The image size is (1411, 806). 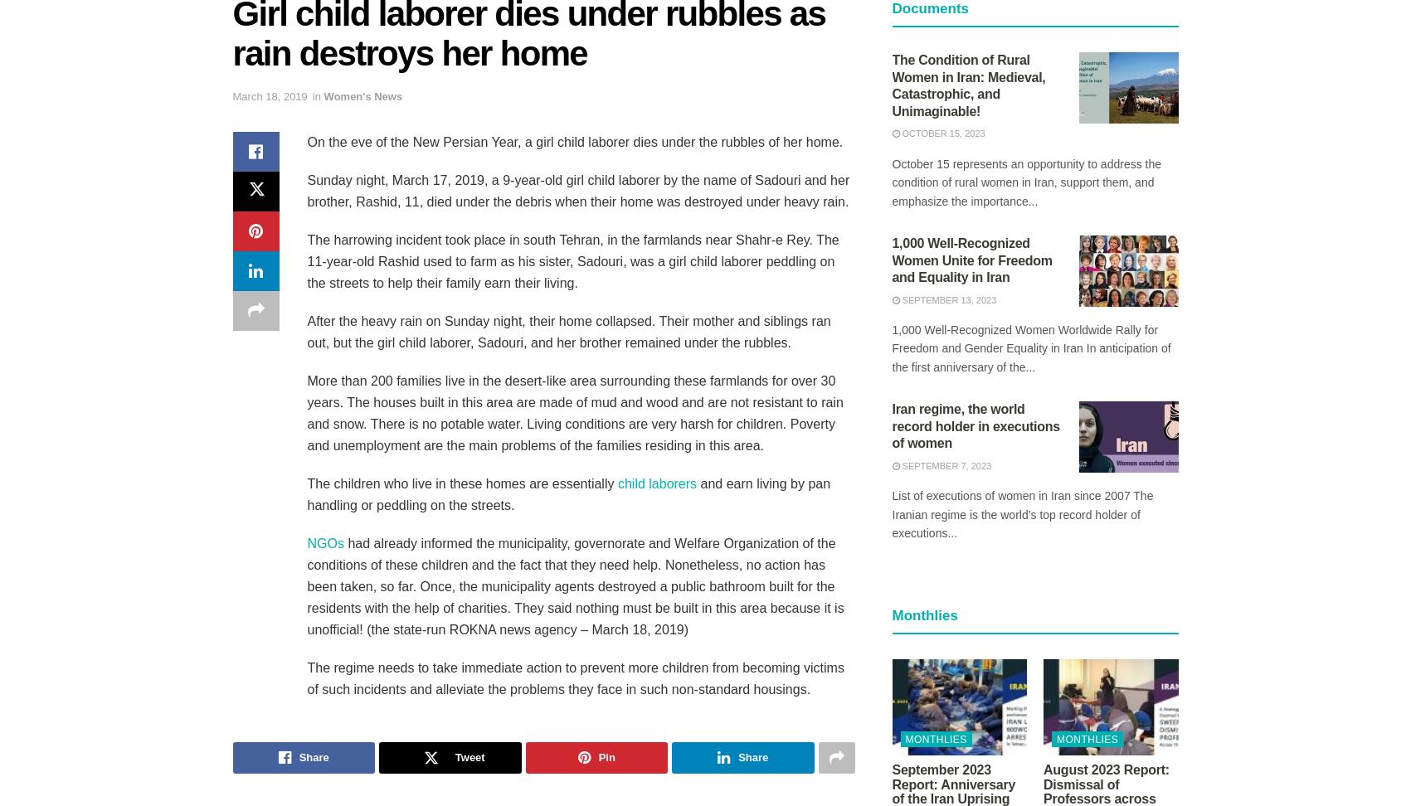 What do you see at coordinates (892, 181) in the screenshot?
I see `'October 15 represents an opportunity to address the condition of rural women in Iran, support them, and emphasize the importance...'` at bounding box center [892, 181].